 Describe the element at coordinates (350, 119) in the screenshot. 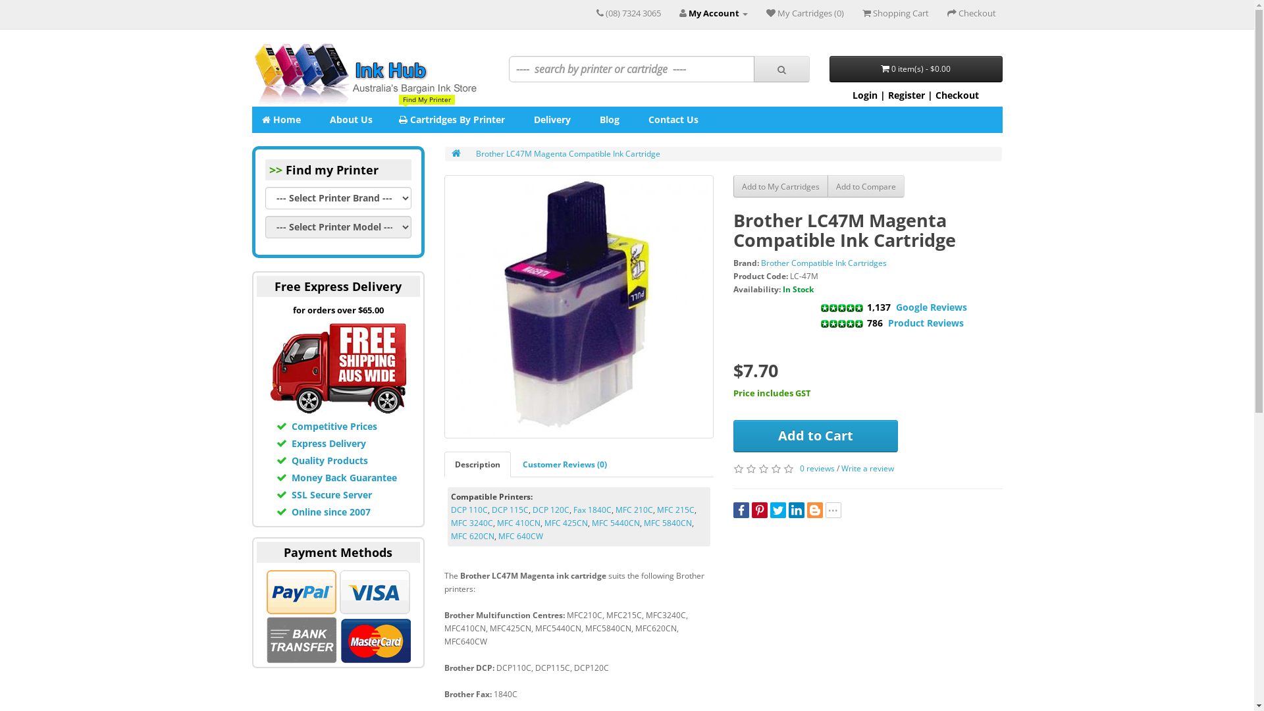

I see `'About Us'` at that location.